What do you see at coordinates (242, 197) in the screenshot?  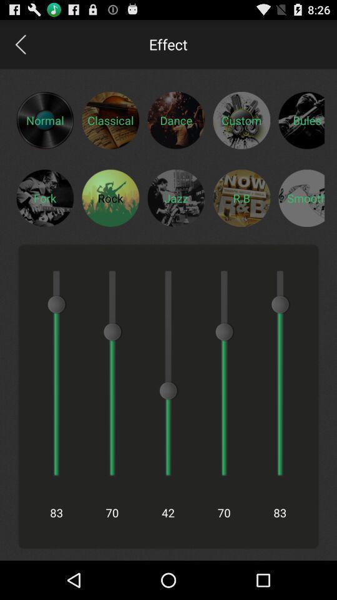 I see `open this playlist` at bounding box center [242, 197].